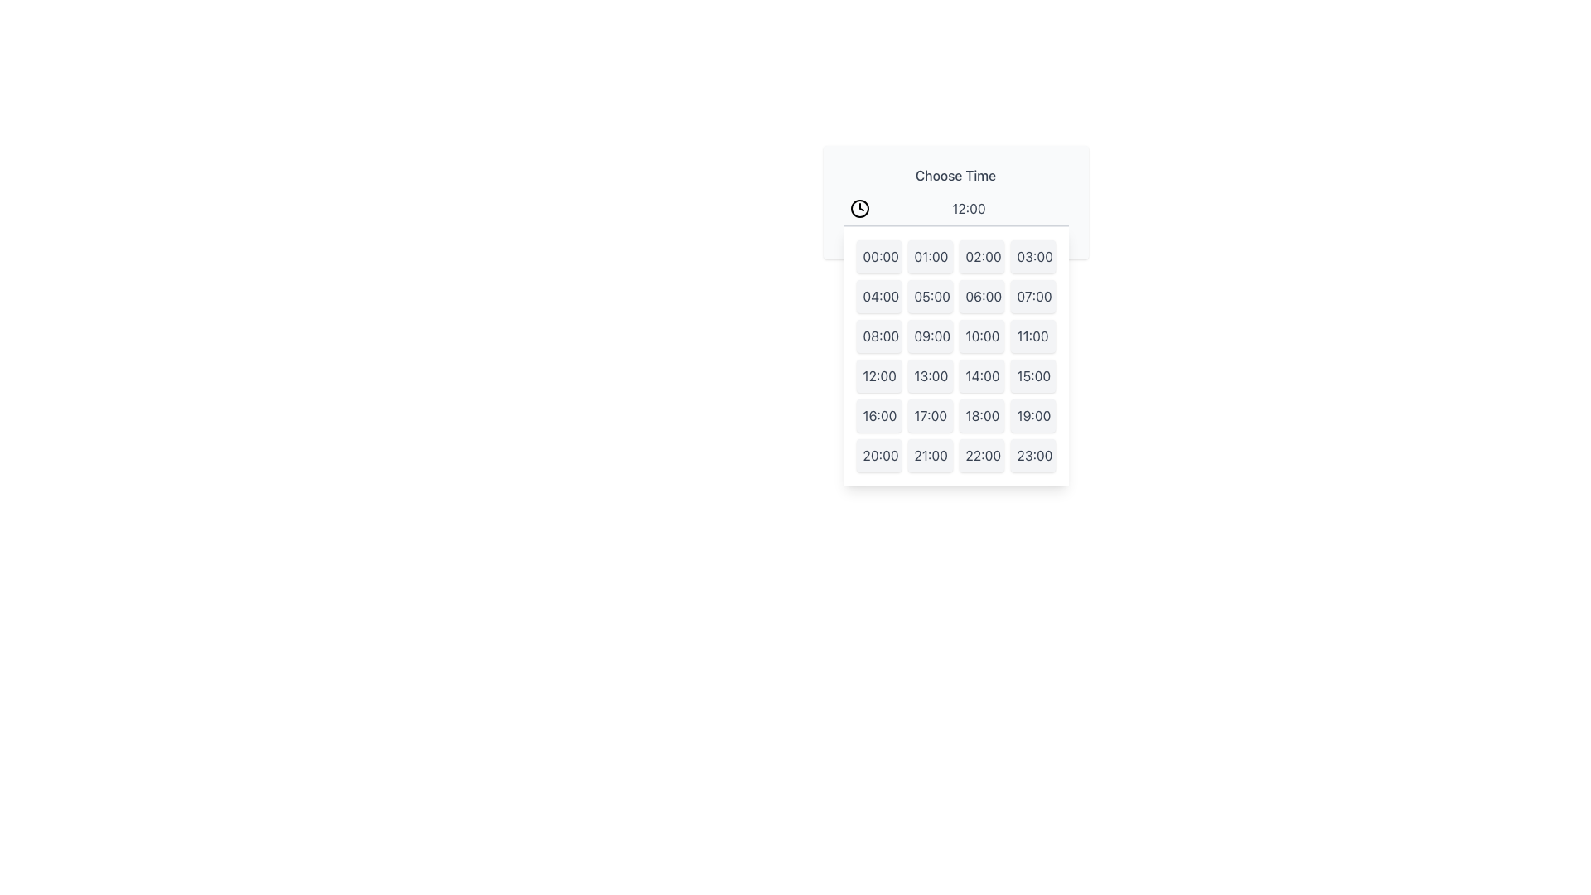 The image size is (1591, 895). What do you see at coordinates (930, 336) in the screenshot?
I see `the rectangular button with the text '09:00'` at bounding box center [930, 336].